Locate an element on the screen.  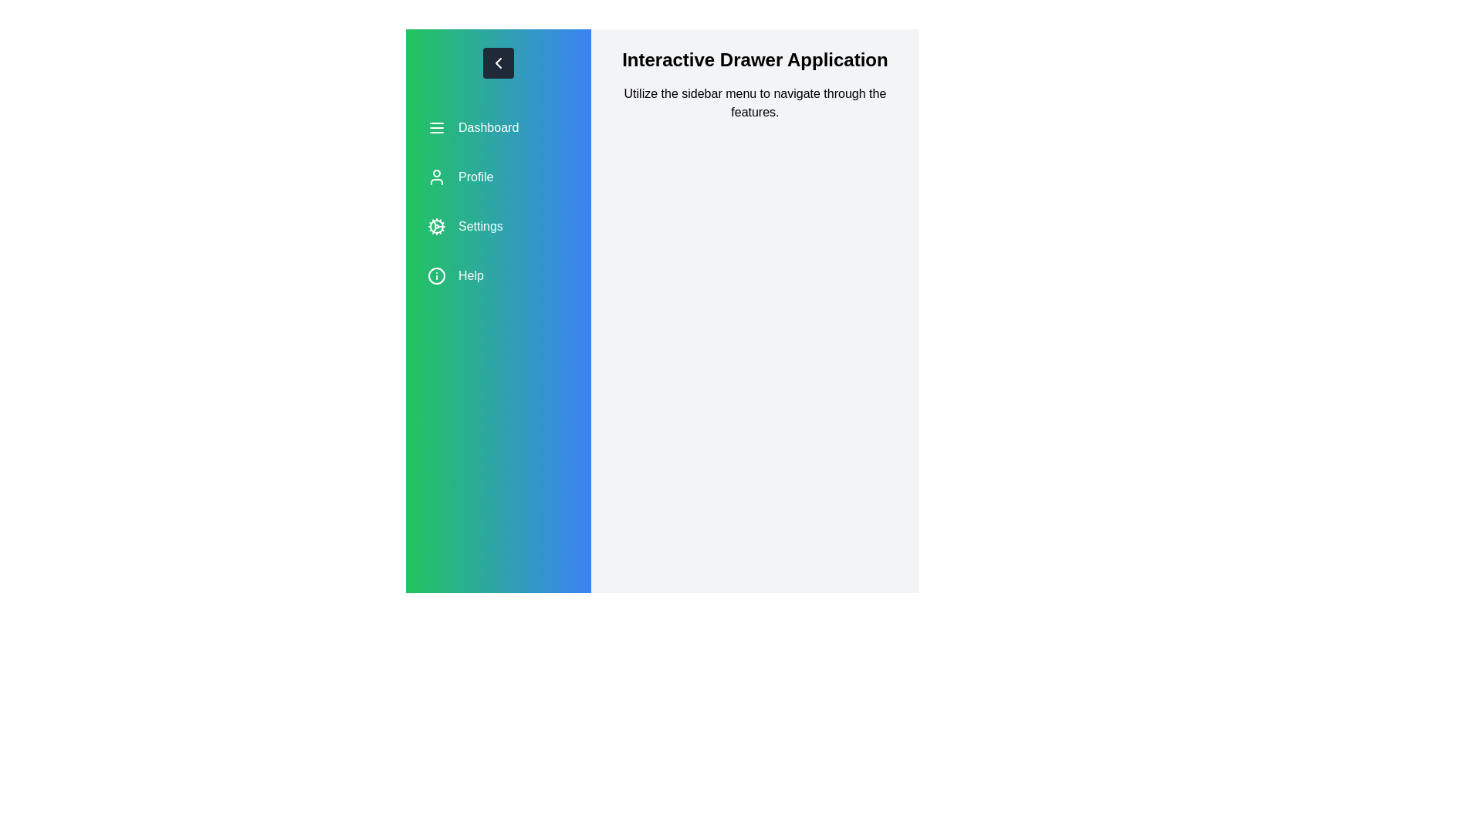
the menu option Dashboard to see its hover effect is located at coordinates (498, 126).